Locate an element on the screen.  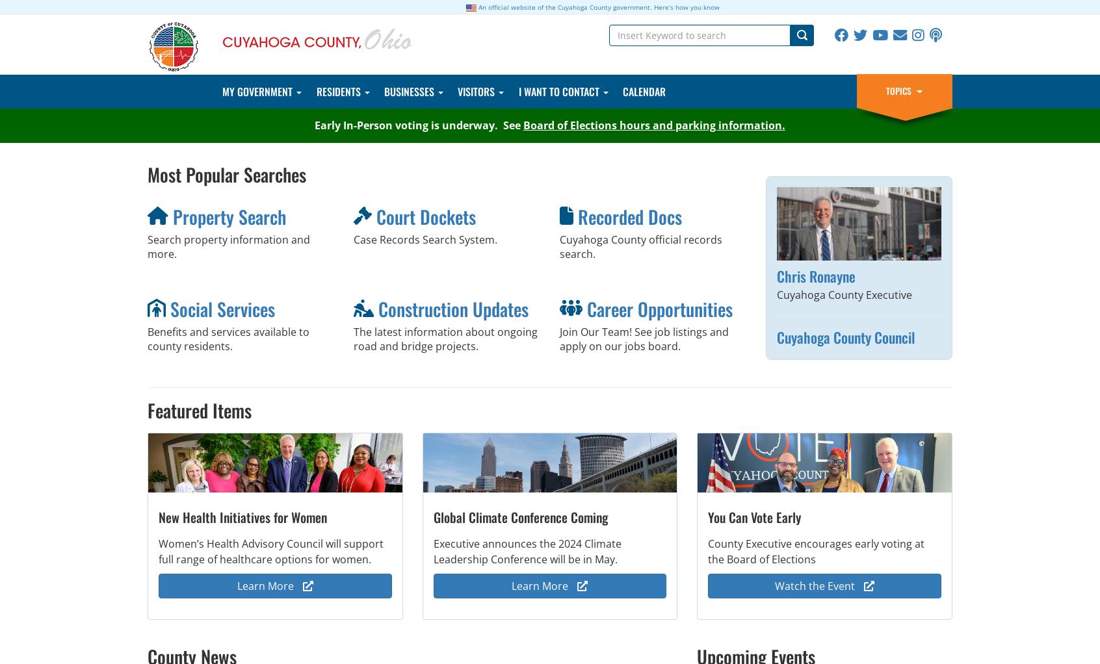
'Social Services' is located at coordinates (170, 308).